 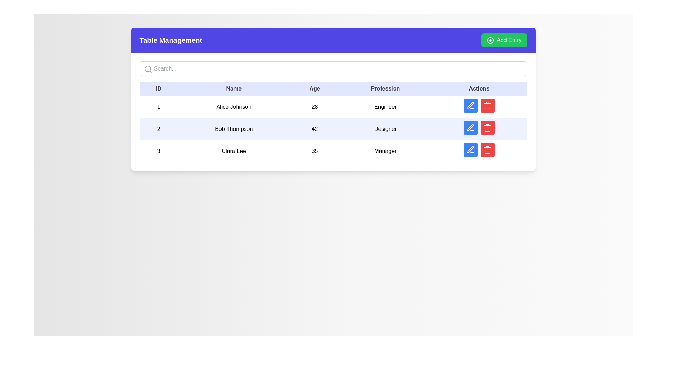 I want to click on the 'Actions' column header in the data table, which is the fifth and last column header indicating controls for modifying or deleting entries, so click(x=478, y=88).